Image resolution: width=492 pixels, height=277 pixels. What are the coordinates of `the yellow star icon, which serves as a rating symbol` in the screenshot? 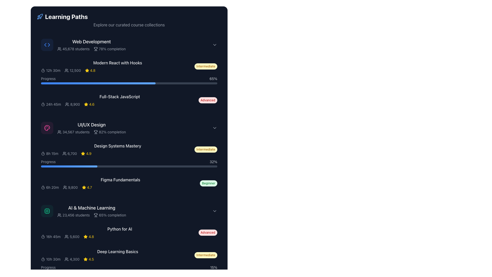 It's located at (84, 187).